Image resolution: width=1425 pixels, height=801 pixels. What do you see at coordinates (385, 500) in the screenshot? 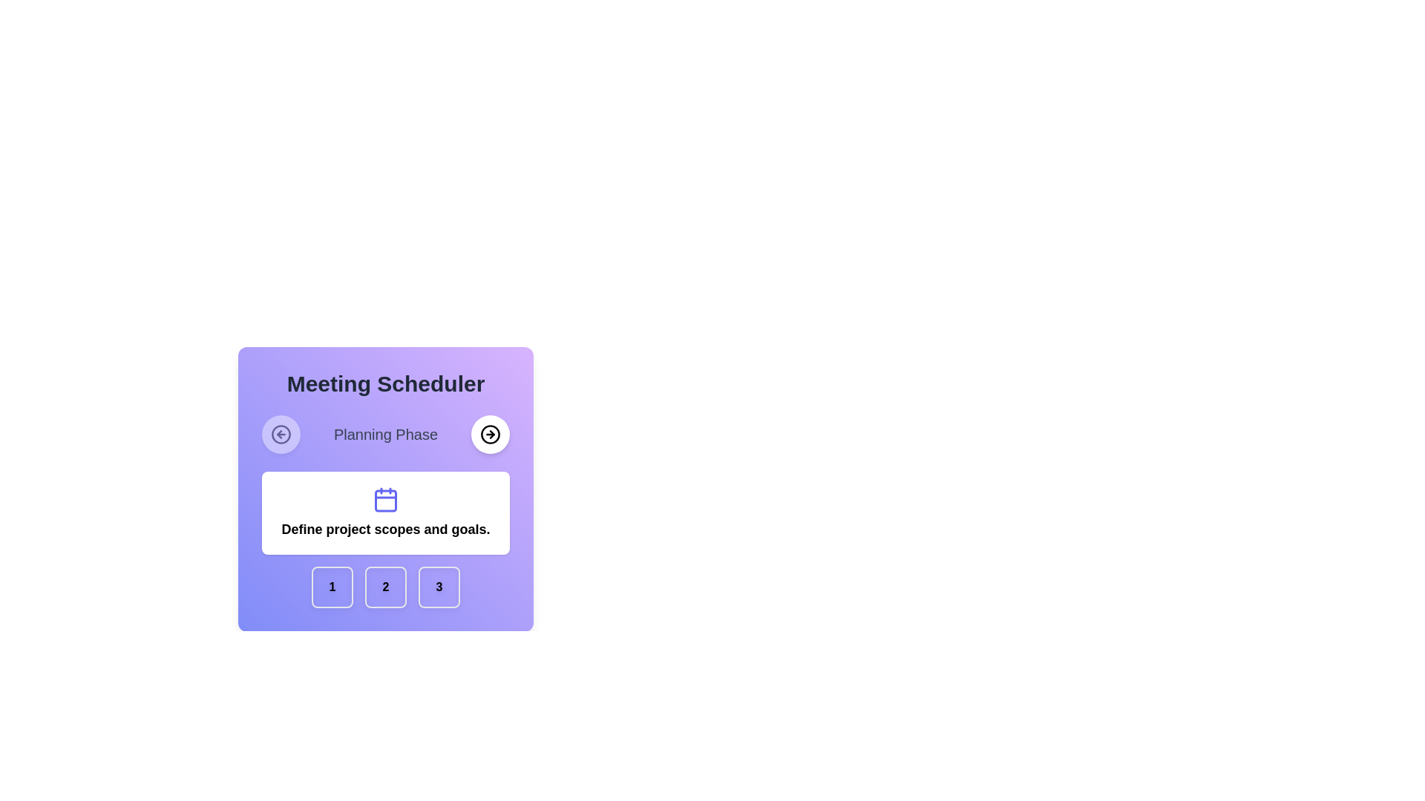
I see `the decorative calendar icon, which is located above the text 'Define project scopes and goals.' and below the 'Planning Phase' header` at bounding box center [385, 500].